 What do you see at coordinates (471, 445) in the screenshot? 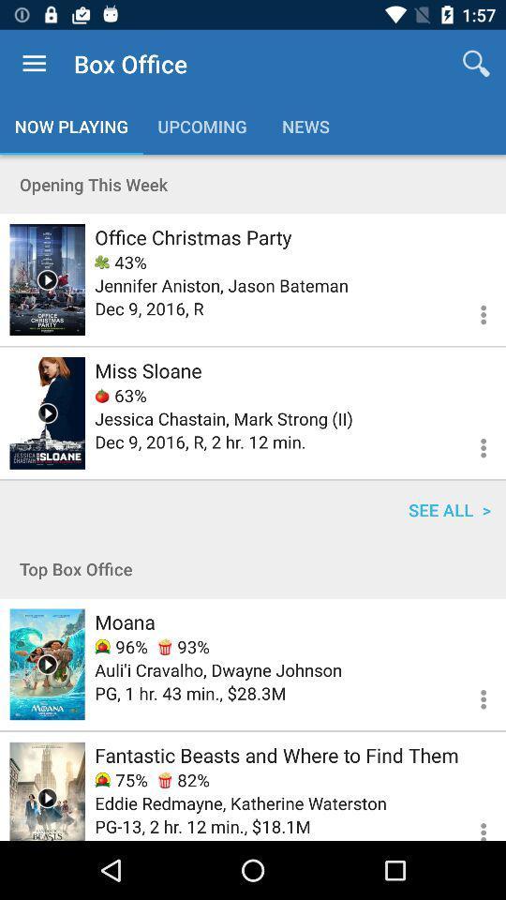
I see `option menu` at bounding box center [471, 445].